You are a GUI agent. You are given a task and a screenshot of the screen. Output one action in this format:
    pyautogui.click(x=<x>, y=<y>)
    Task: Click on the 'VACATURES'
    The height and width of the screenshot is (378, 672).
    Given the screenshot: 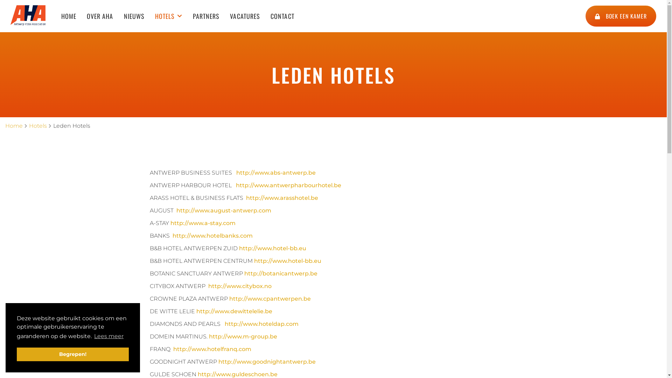 What is the action you would take?
    pyautogui.click(x=245, y=16)
    